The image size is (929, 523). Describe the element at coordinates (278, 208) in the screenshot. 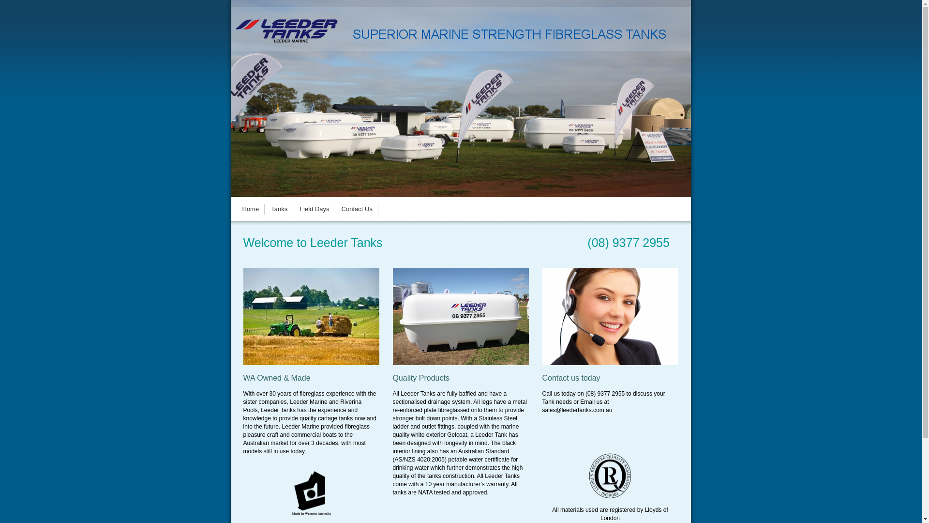

I see `'Tanks'` at that location.